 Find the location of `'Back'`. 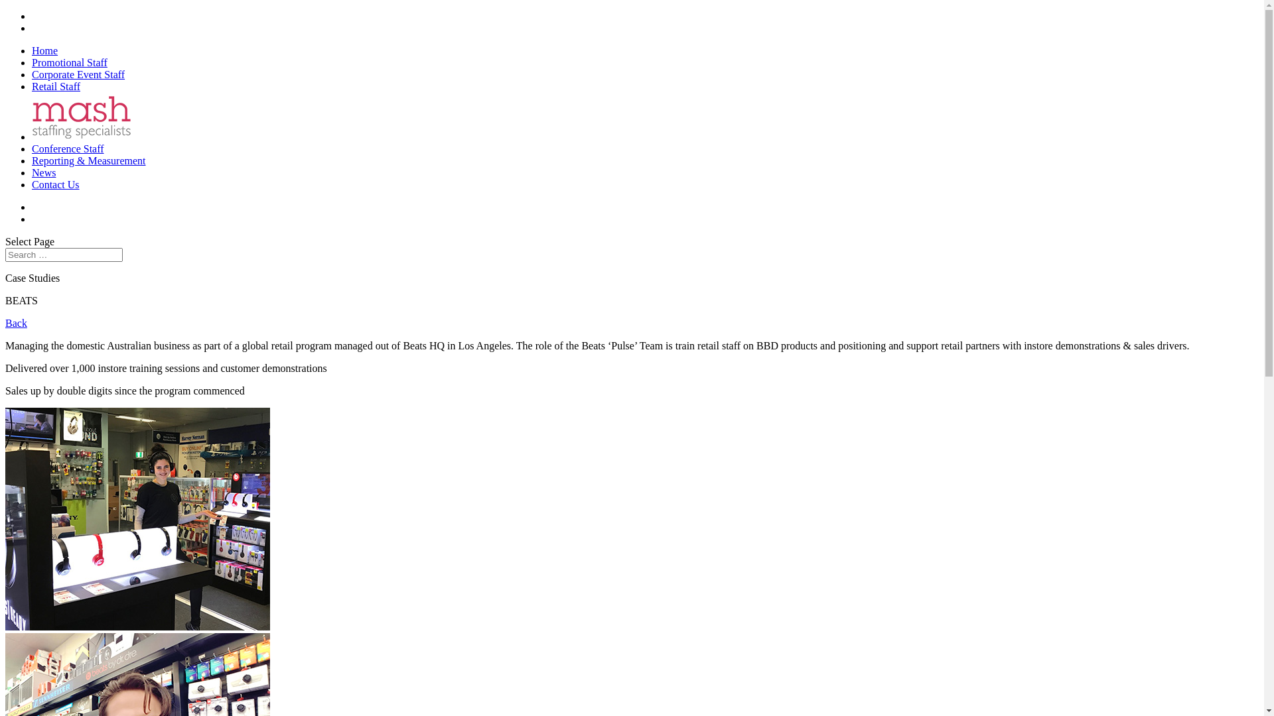

'Back' is located at coordinates (16, 323).